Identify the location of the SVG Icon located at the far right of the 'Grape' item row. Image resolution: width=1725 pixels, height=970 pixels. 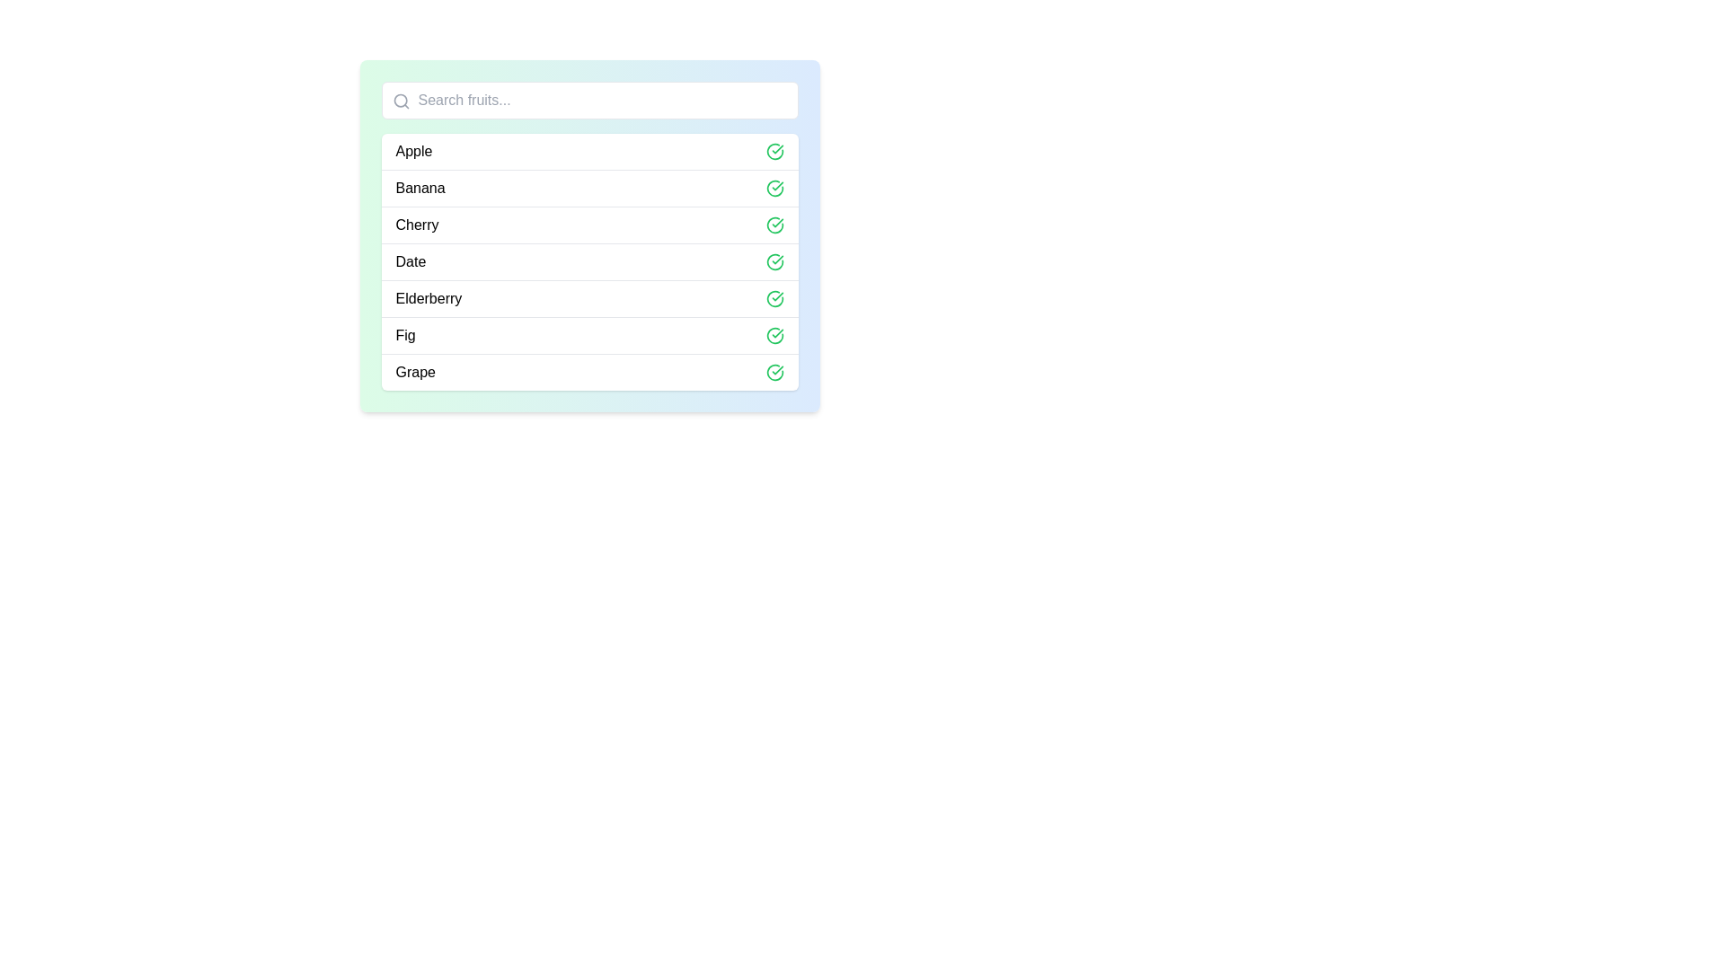
(774, 372).